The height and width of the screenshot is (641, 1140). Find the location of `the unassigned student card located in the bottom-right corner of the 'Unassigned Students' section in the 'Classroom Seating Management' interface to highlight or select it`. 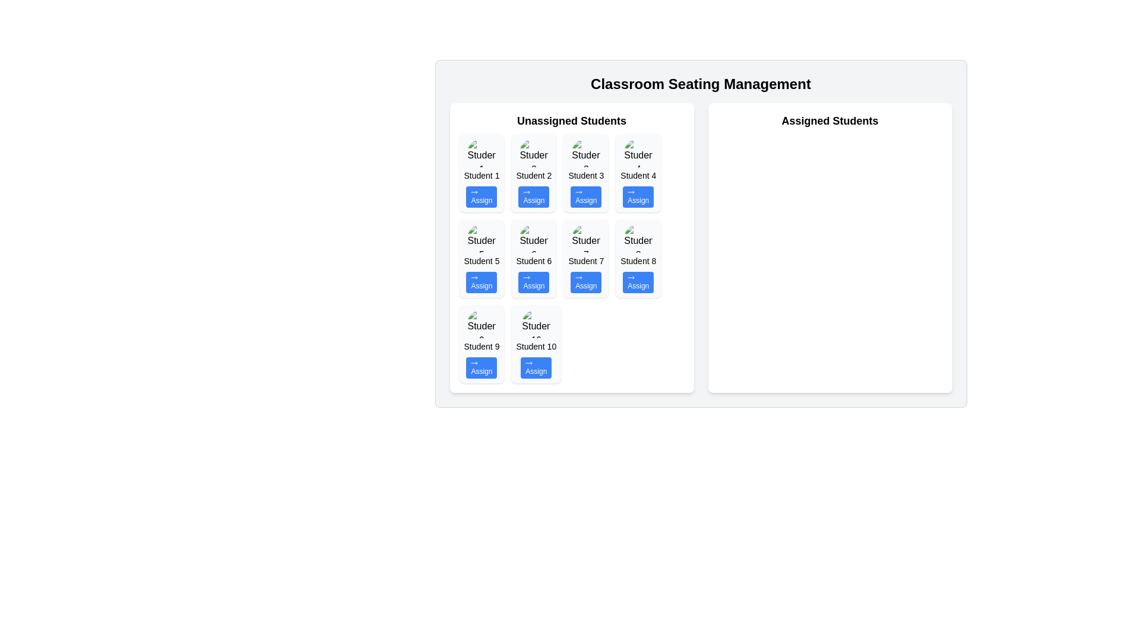

the unassigned student card located in the bottom-right corner of the 'Unassigned Students' section in the 'Classroom Seating Management' interface to highlight or select it is located at coordinates (638, 258).